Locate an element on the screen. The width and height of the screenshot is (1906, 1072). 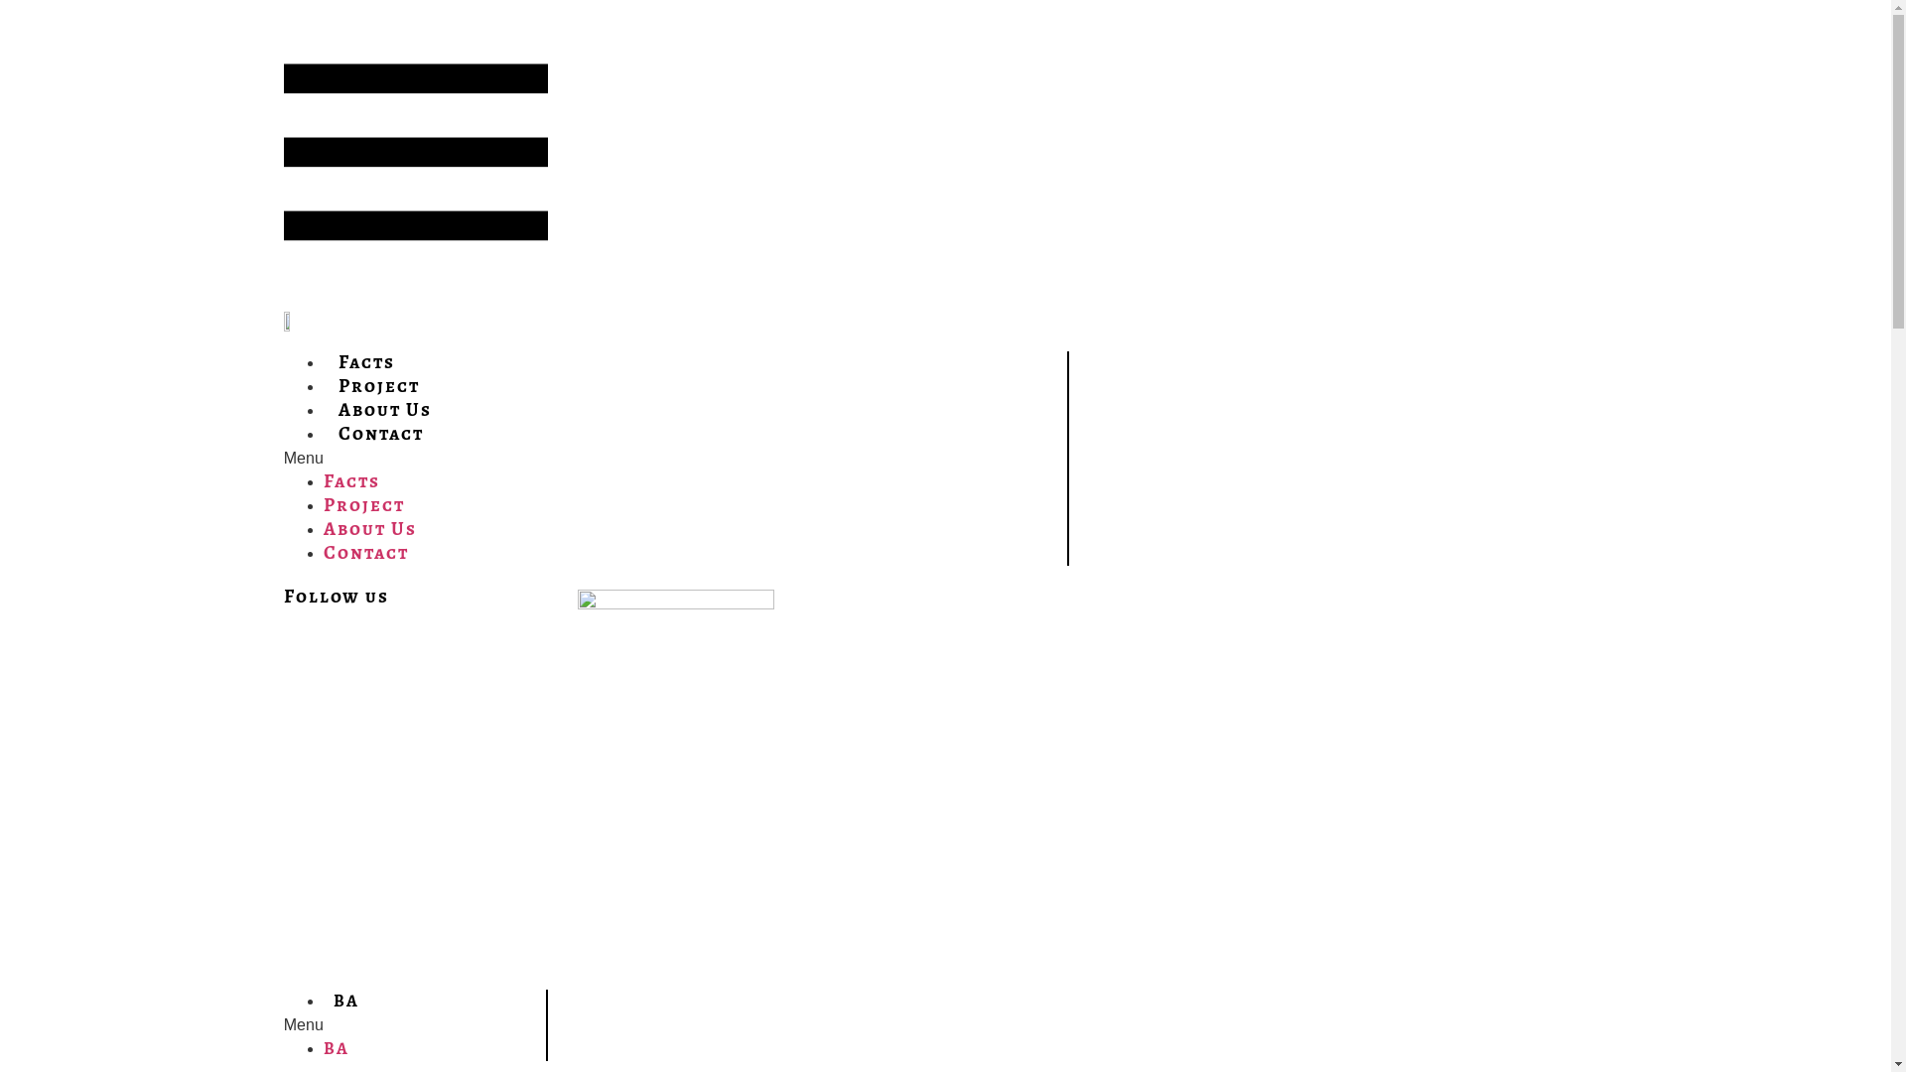
'Facts' is located at coordinates (324, 480).